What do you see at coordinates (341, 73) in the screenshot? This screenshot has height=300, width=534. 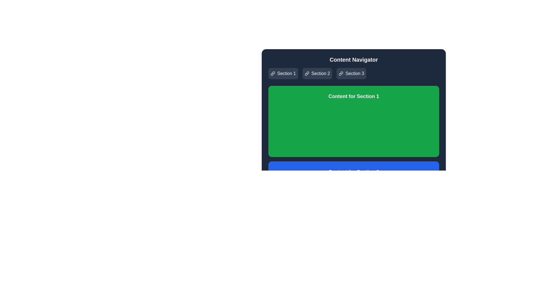 I see `the icon that visually signifies the link functionality of the 'Section 3' button, located to the left of the text 'Section 3' in the top navigation bar` at bounding box center [341, 73].